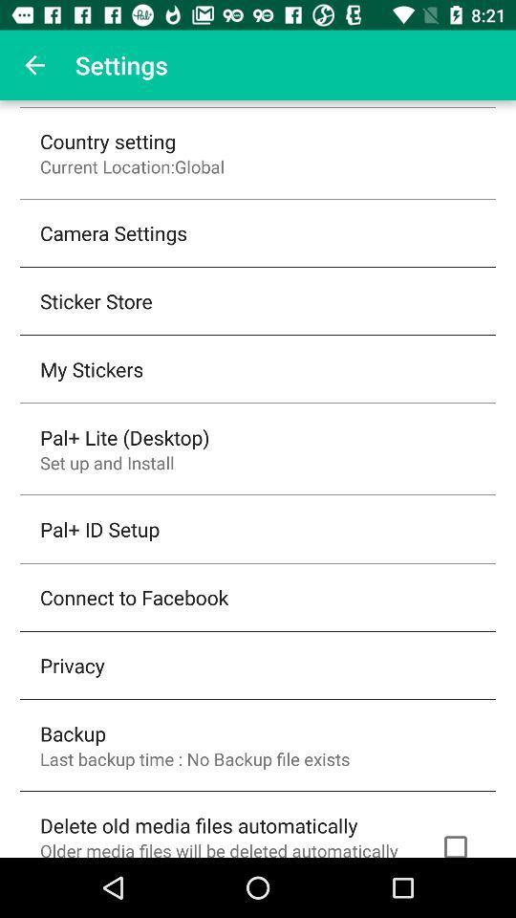  Describe the element at coordinates (95, 300) in the screenshot. I see `the item below the camera settings item` at that location.